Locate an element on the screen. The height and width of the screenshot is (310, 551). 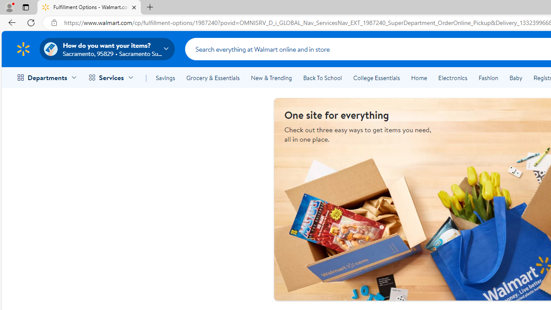
'Savings' is located at coordinates (165, 78).